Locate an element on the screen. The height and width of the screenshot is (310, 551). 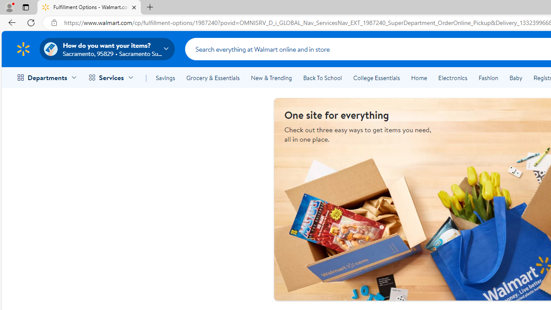
'Savings' is located at coordinates (165, 78).